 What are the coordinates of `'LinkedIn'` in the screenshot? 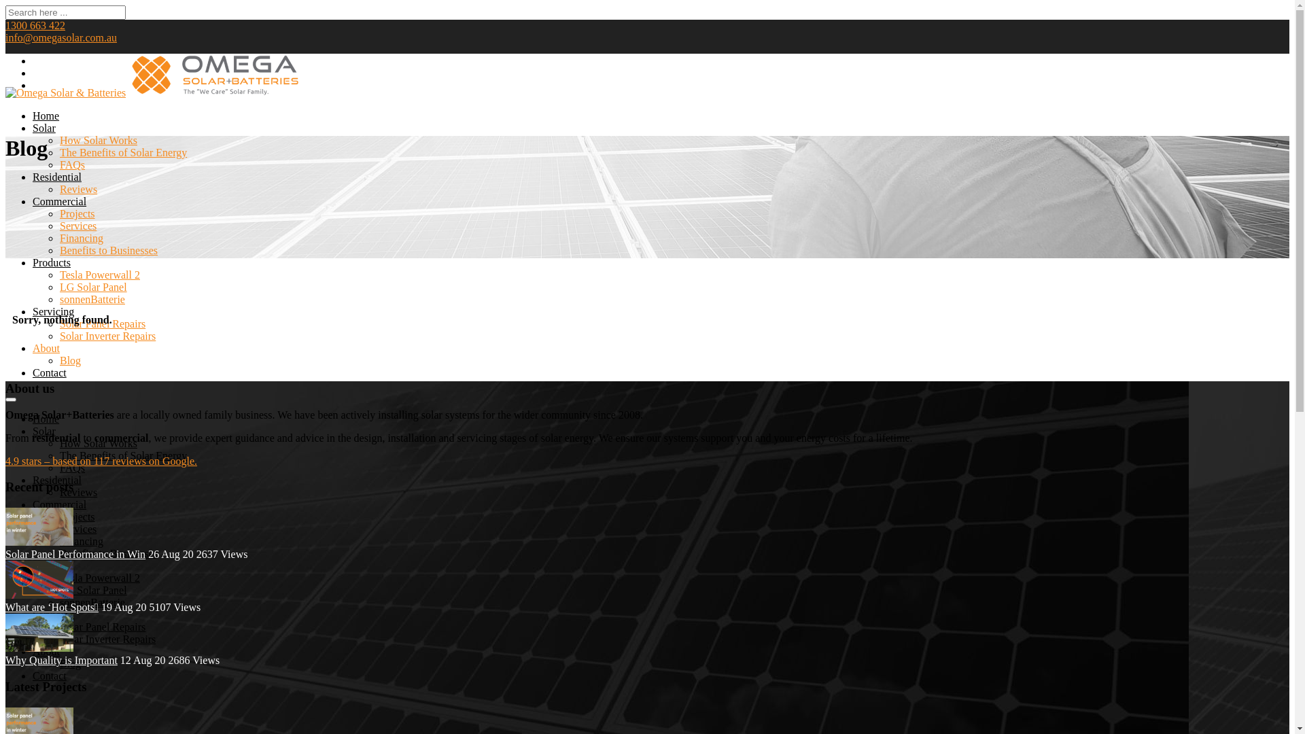 It's located at (37, 73).